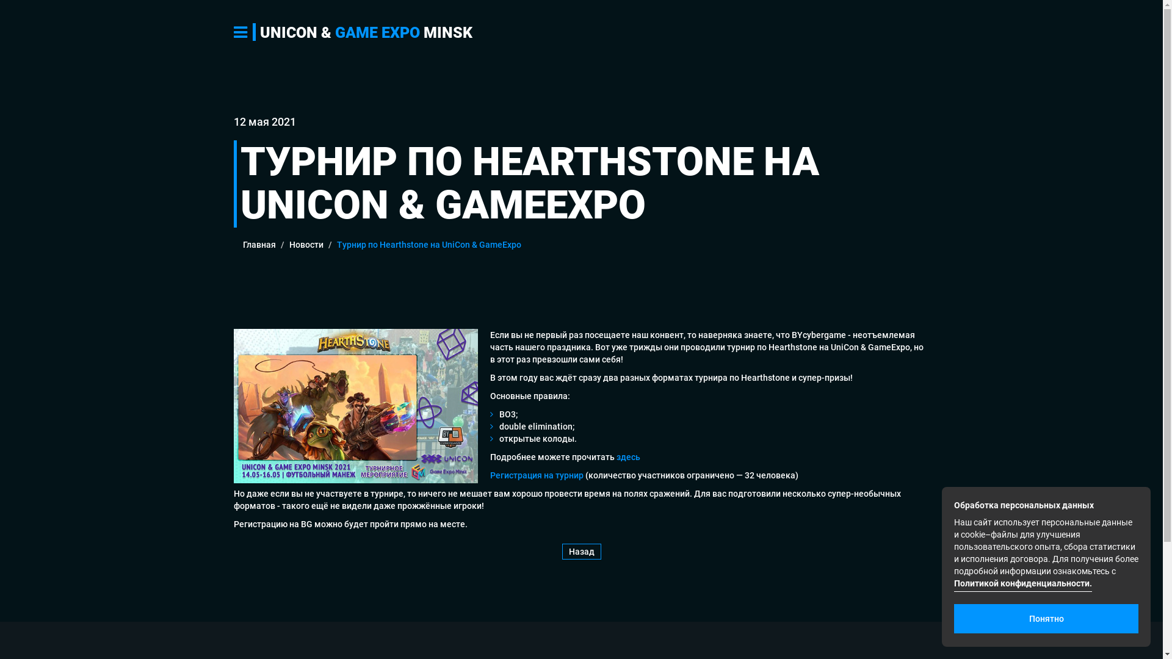 This screenshot has height=659, width=1172. Describe the element at coordinates (362, 32) in the screenshot. I see `'UNICON & GAME EXPO MINSK'` at that location.